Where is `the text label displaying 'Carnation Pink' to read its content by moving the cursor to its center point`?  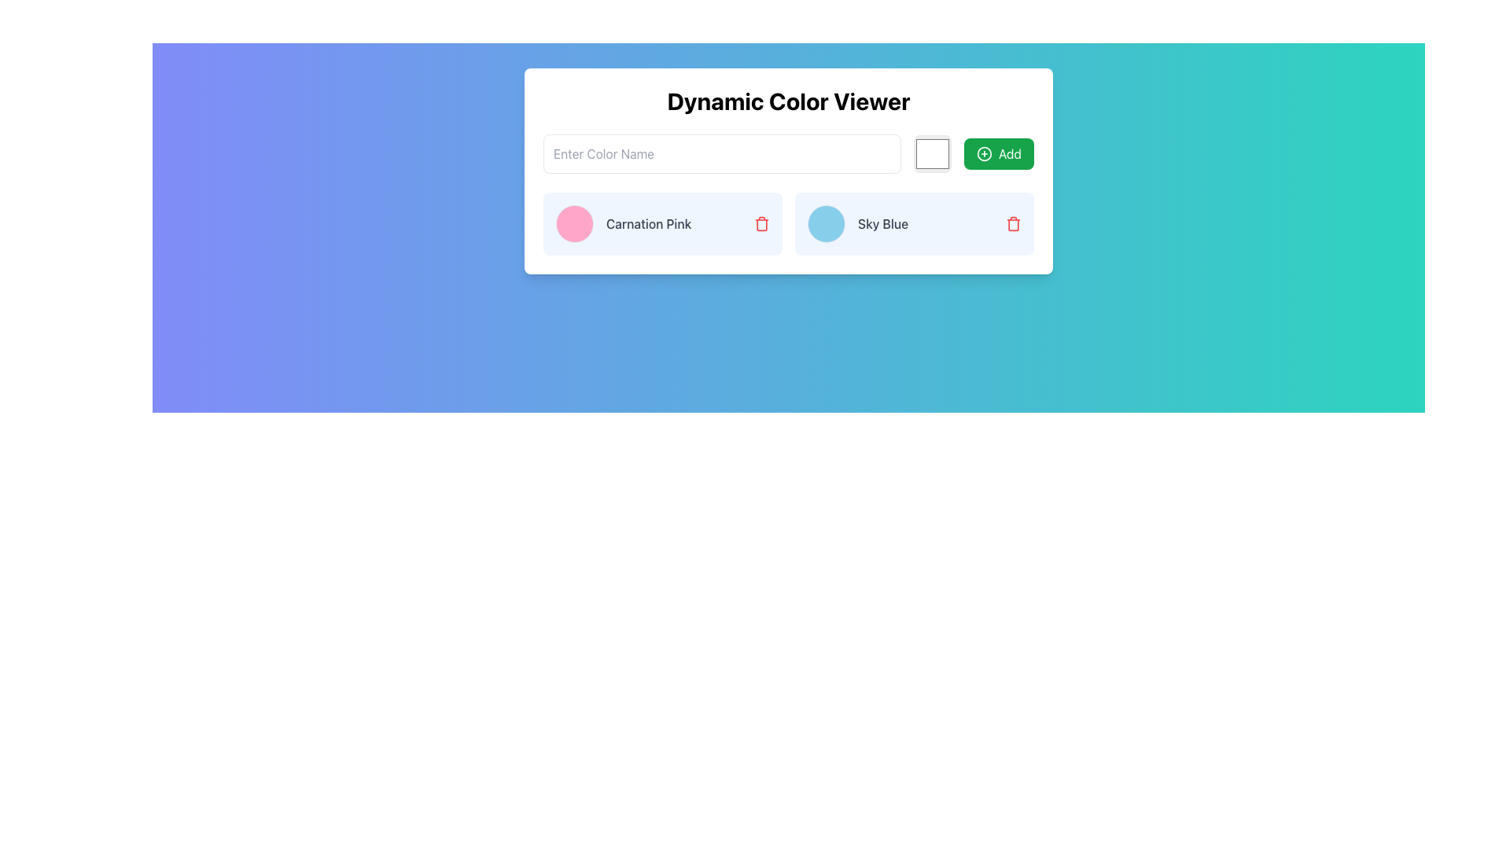
the text label displaying 'Carnation Pink' to read its content by moving the cursor to its center point is located at coordinates (649, 224).